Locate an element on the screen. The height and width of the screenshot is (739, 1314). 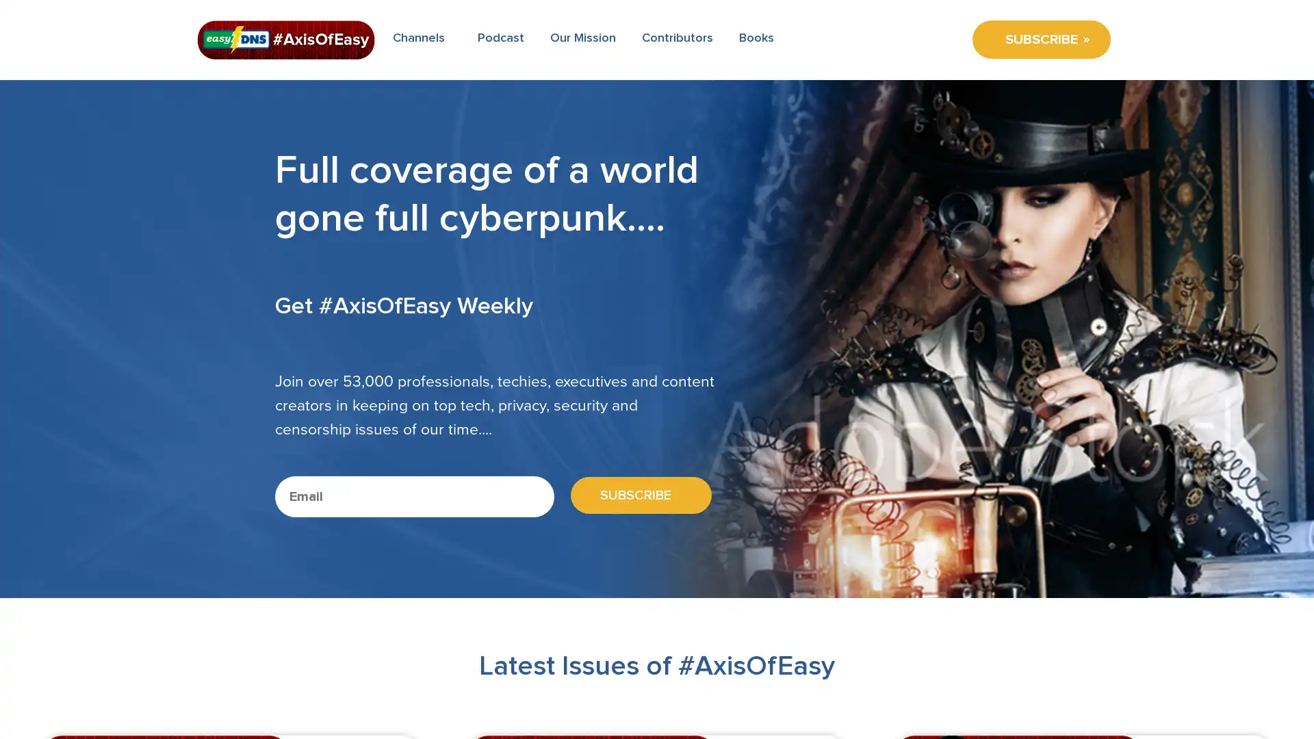
Subscribe is located at coordinates (635, 495).